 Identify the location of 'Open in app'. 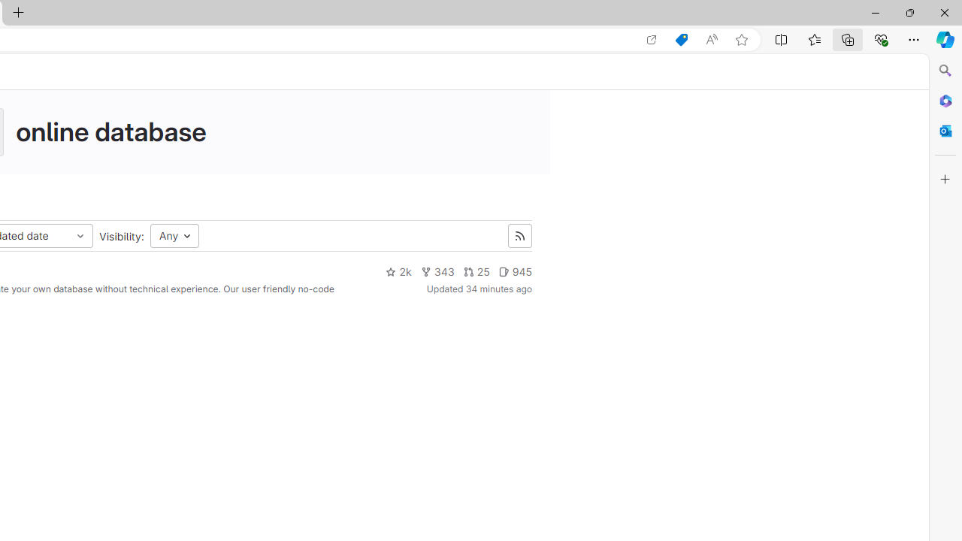
(652, 39).